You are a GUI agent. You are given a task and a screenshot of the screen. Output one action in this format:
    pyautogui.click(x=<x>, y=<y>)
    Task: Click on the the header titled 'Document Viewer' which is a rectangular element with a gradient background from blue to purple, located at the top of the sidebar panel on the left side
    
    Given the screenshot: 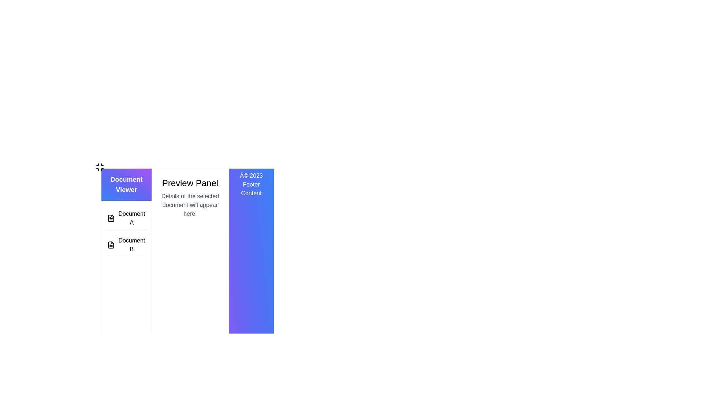 What is the action you would take?
    pyautogui.click(x=126, y=184)
    